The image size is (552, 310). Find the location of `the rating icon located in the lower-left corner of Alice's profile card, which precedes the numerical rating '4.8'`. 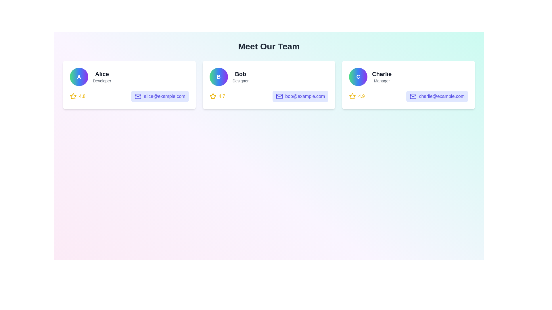

the rating icon located in the lower-left corner of Alice's profile card, which precedes the numerical rating '4.8' is located at coordinates (73, 96).